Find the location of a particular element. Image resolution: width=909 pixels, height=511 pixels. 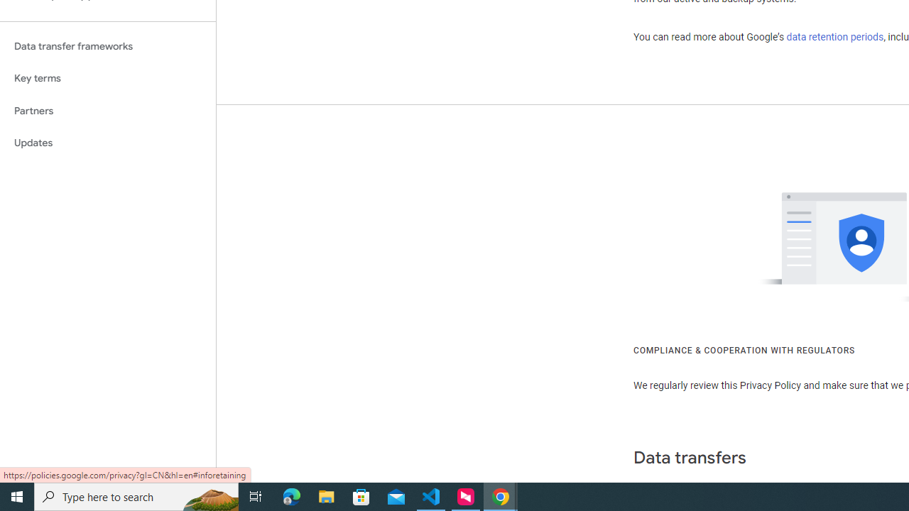

'data retention periods' is located at coordinates (835, 36).